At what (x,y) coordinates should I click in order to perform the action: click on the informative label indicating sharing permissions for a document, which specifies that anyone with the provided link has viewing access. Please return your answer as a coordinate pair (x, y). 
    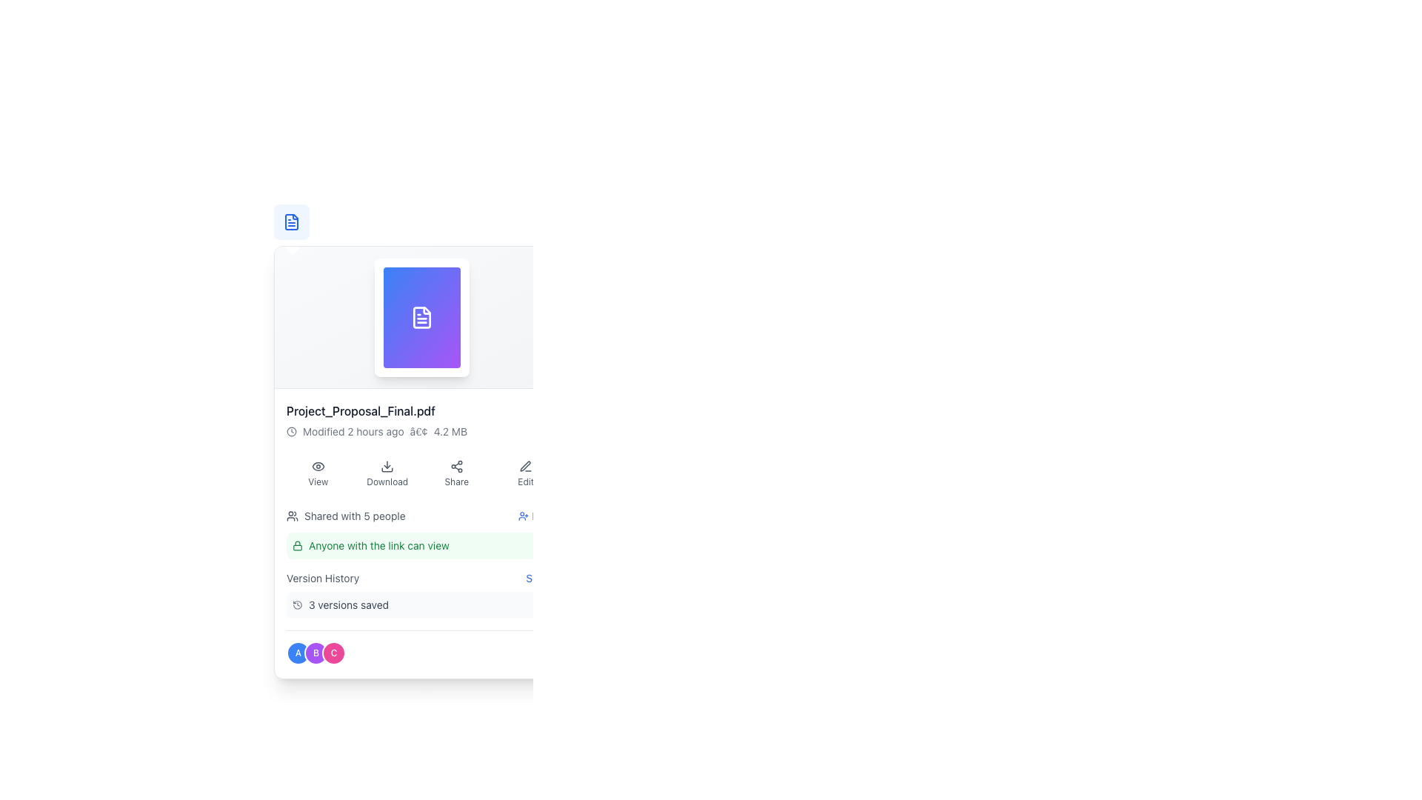
    Looking at the image, I should click on (421, 545).